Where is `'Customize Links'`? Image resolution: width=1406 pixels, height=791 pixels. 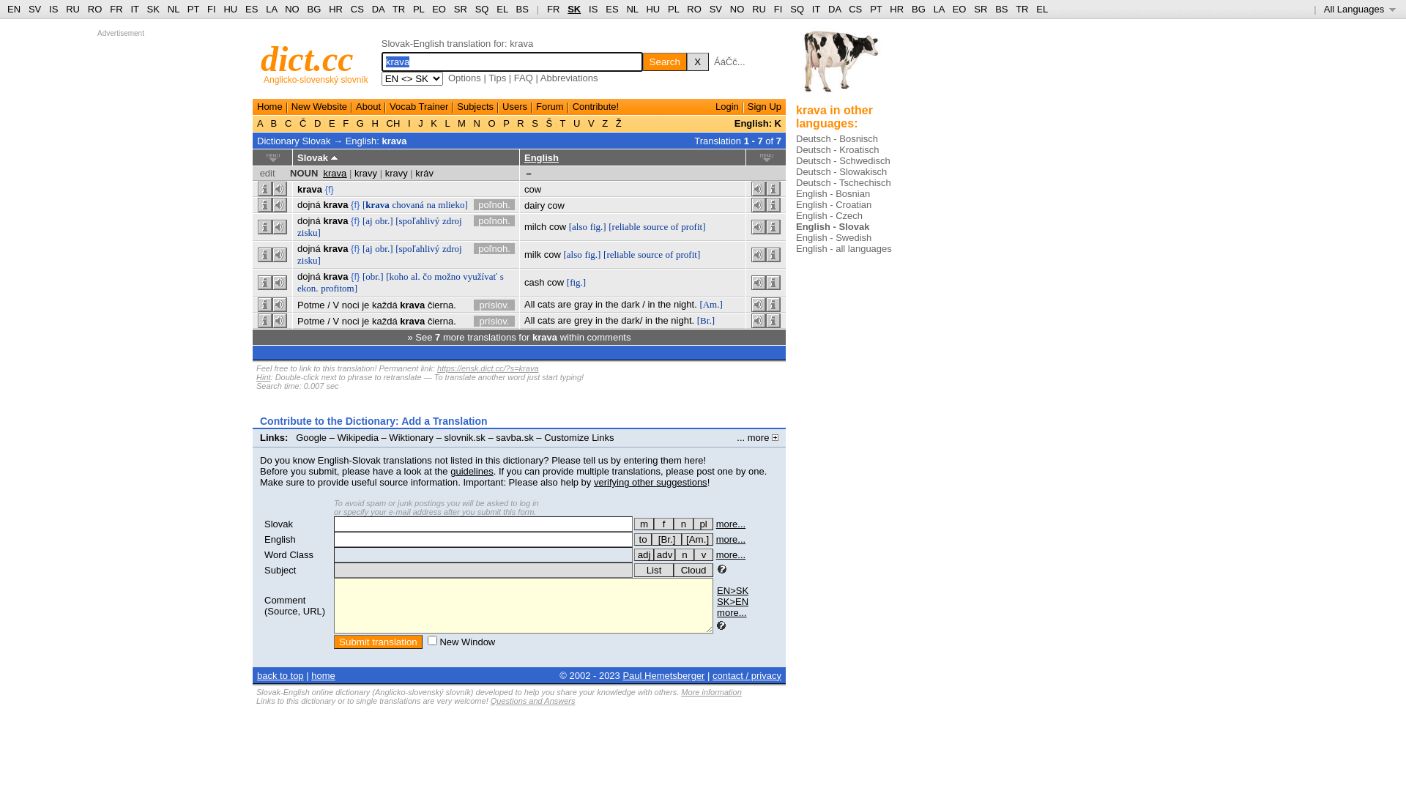
'Customize Links' is located at coordinates (578, 437).